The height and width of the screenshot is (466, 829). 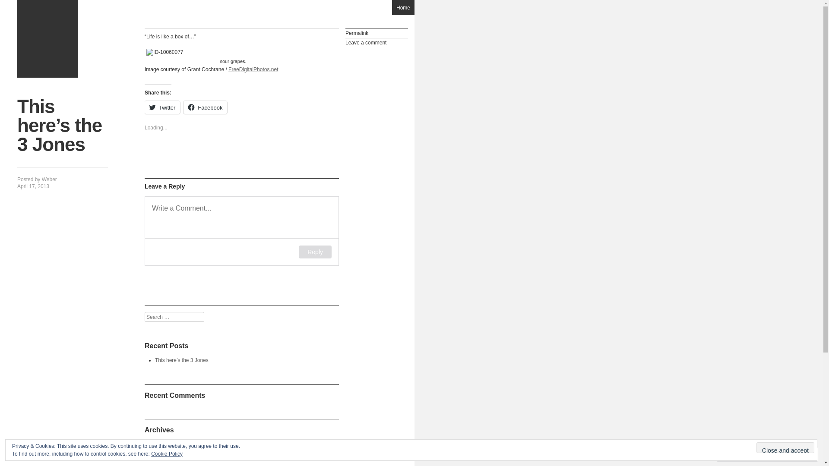 What do you see at coordinates (166, 444) in the screenshot?
I see `'April 2013'` at bounding box center [166, 444].